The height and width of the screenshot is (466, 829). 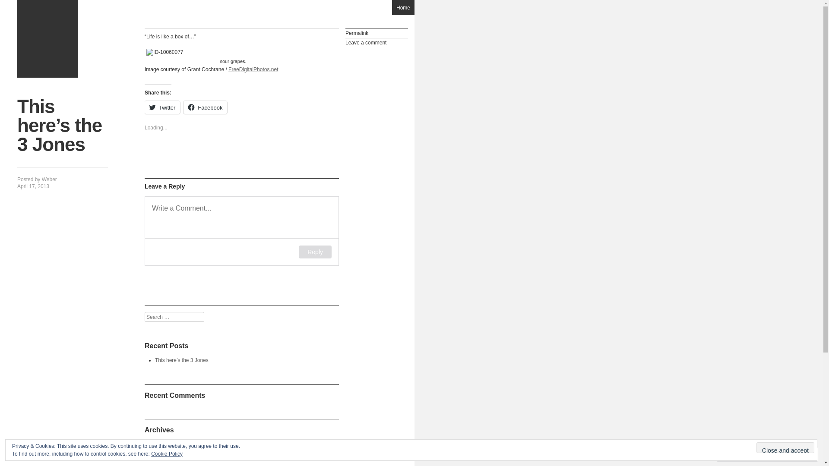 What do you see at coordinates (166, 444) in the screenshot?
I see `'April 2013'` at bounding box center [166, 444].